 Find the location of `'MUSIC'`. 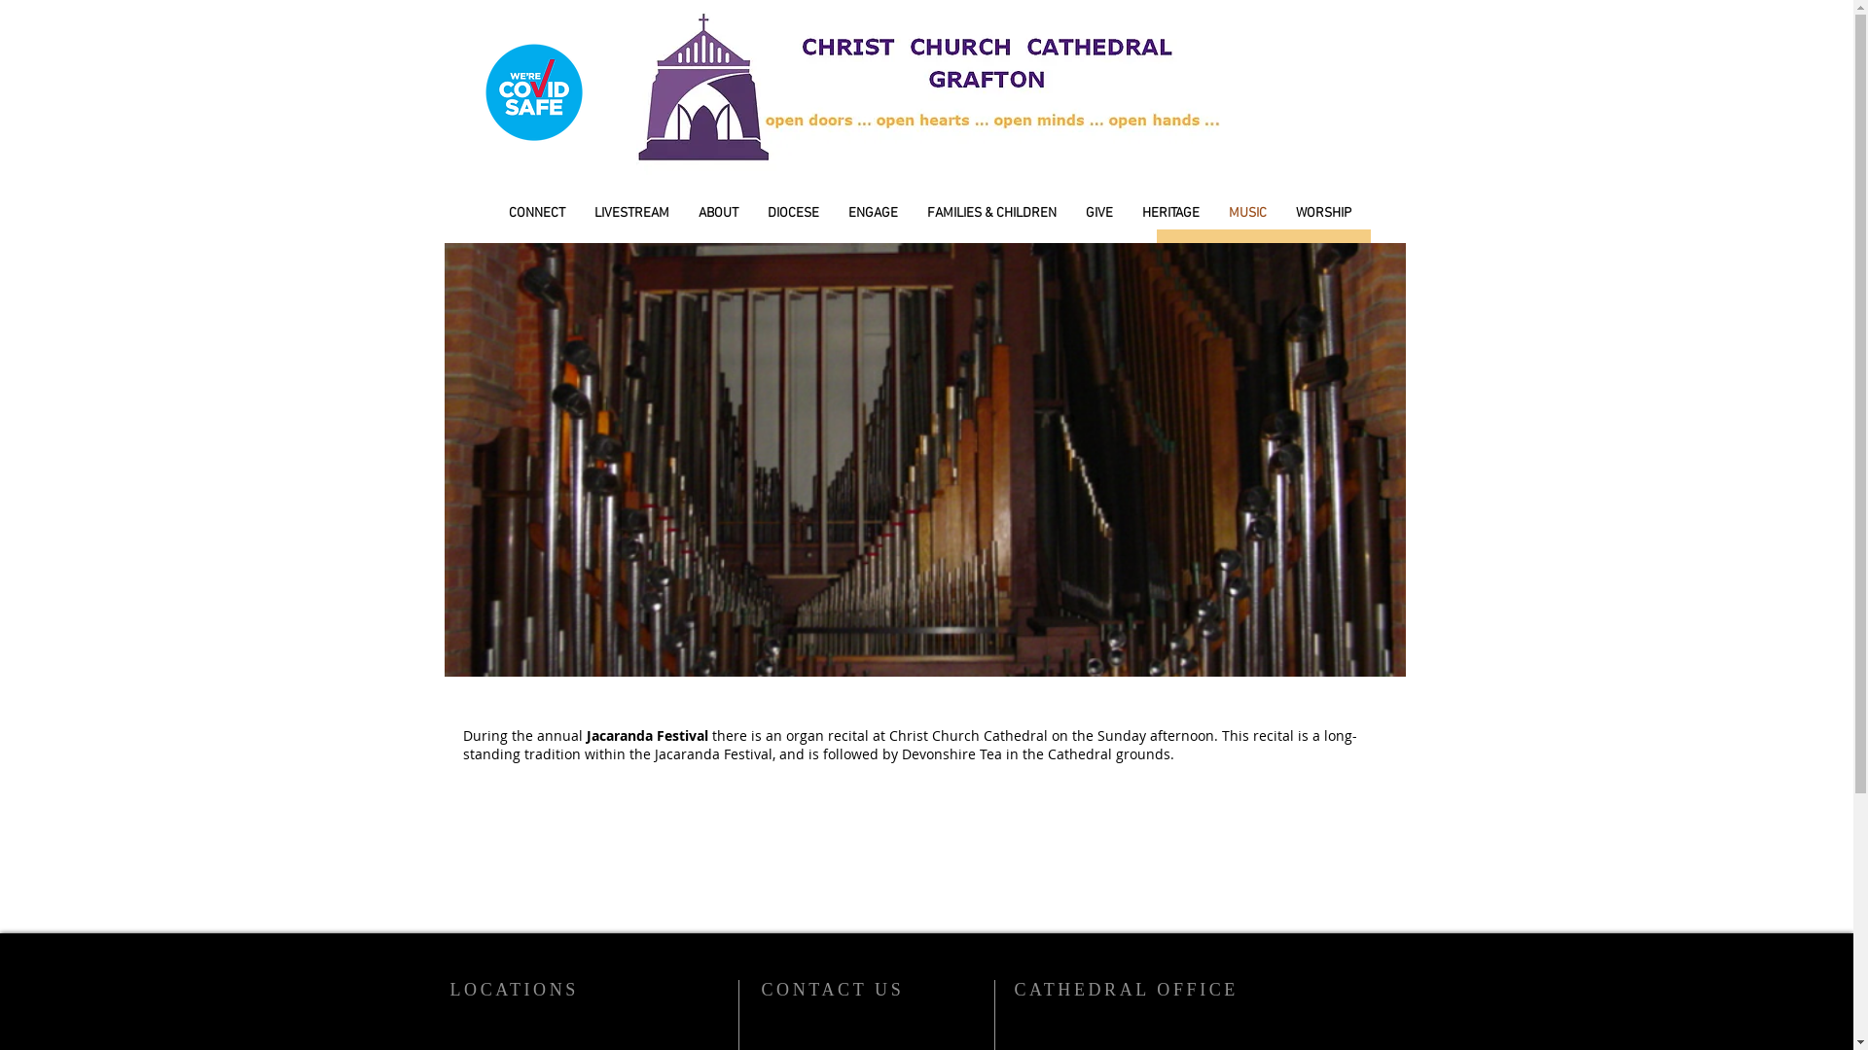

'MUSIC' is located at coordinates (1213, 213).